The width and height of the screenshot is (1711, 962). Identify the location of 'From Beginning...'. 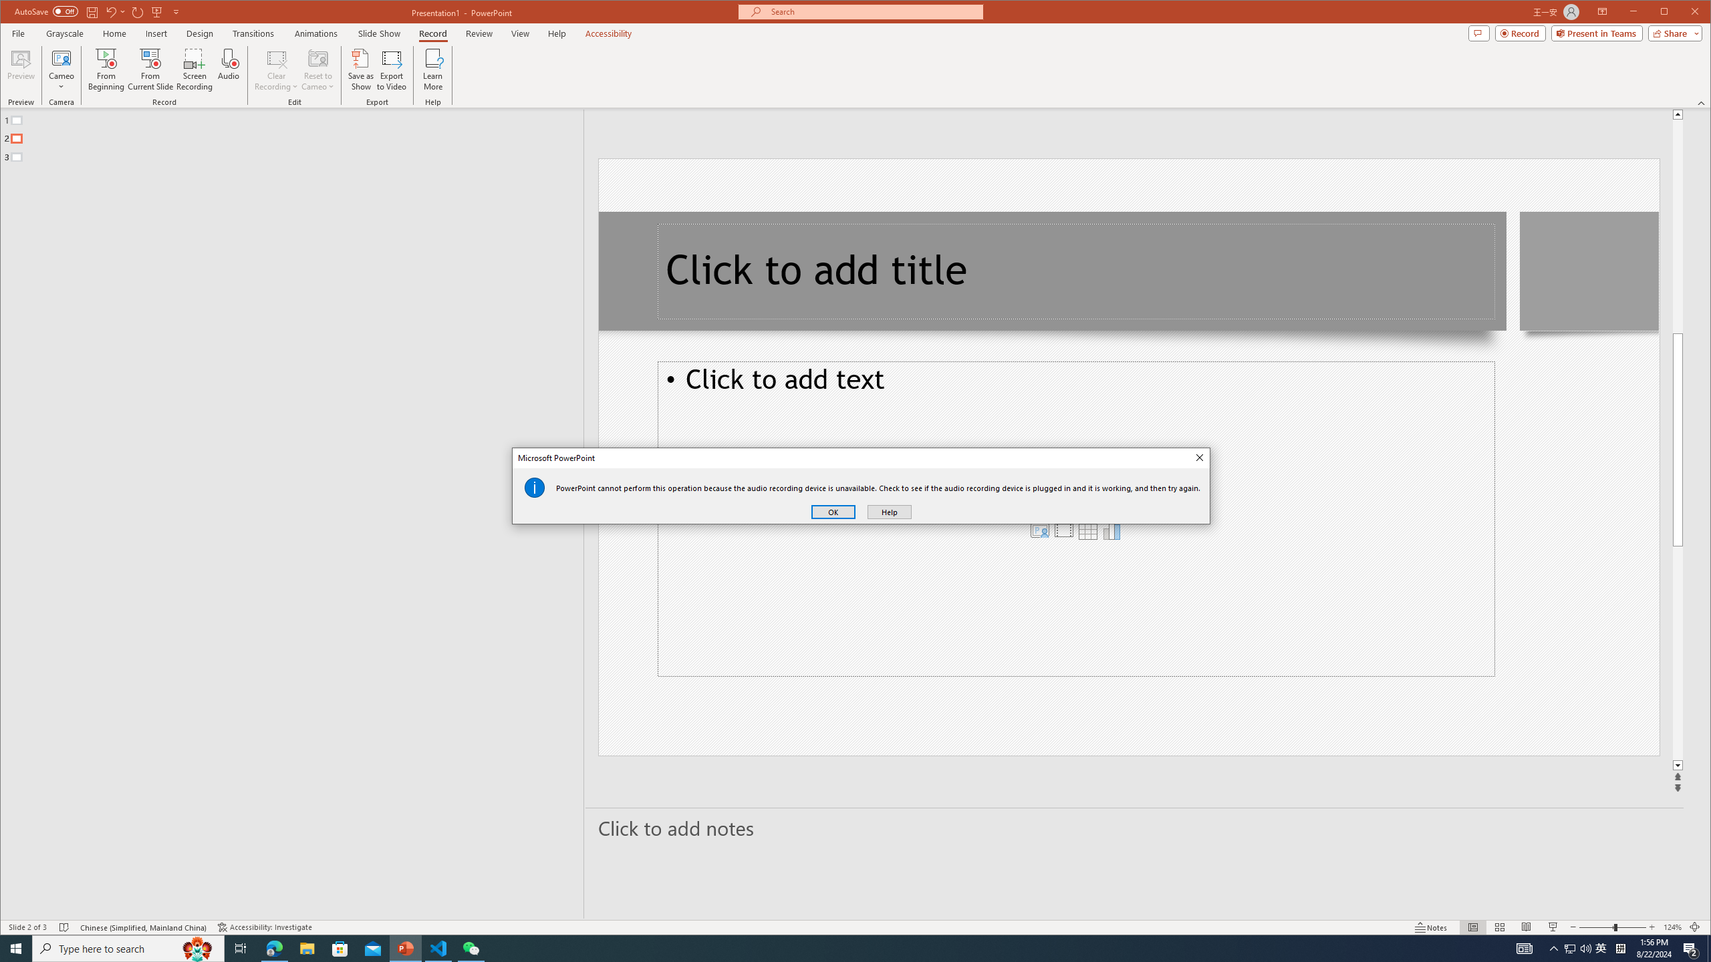
(106, 69).